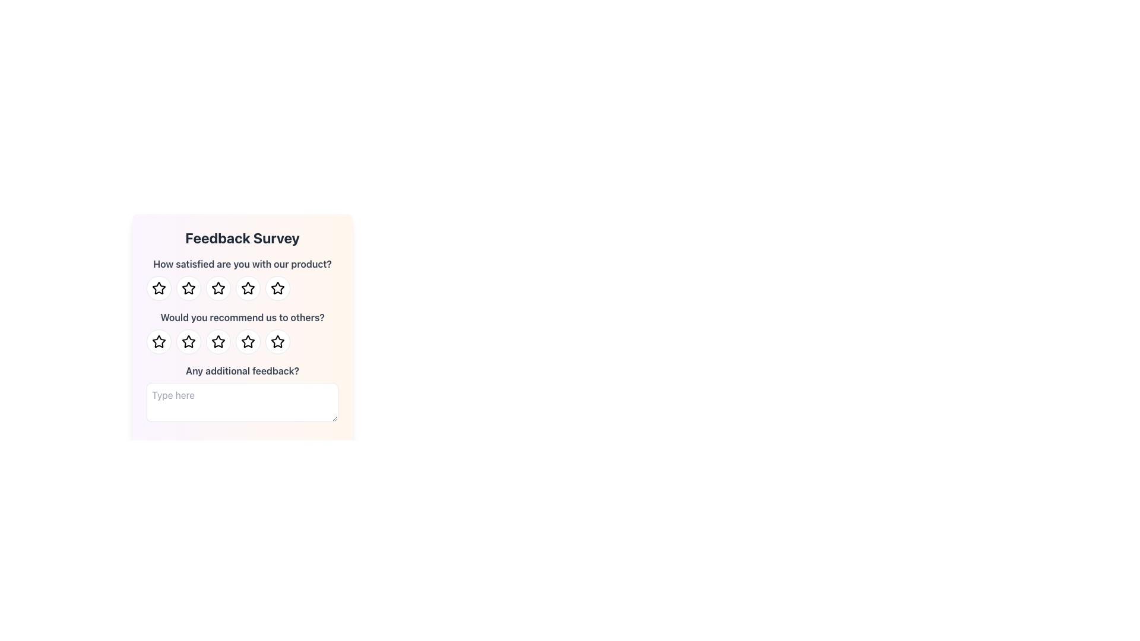 Image resolution: width=1140 pixels, height=641 pixels. I want to click on the second star icon in the second row of the survey under the question 'Would you recommend us to others?', so click(188, 341).